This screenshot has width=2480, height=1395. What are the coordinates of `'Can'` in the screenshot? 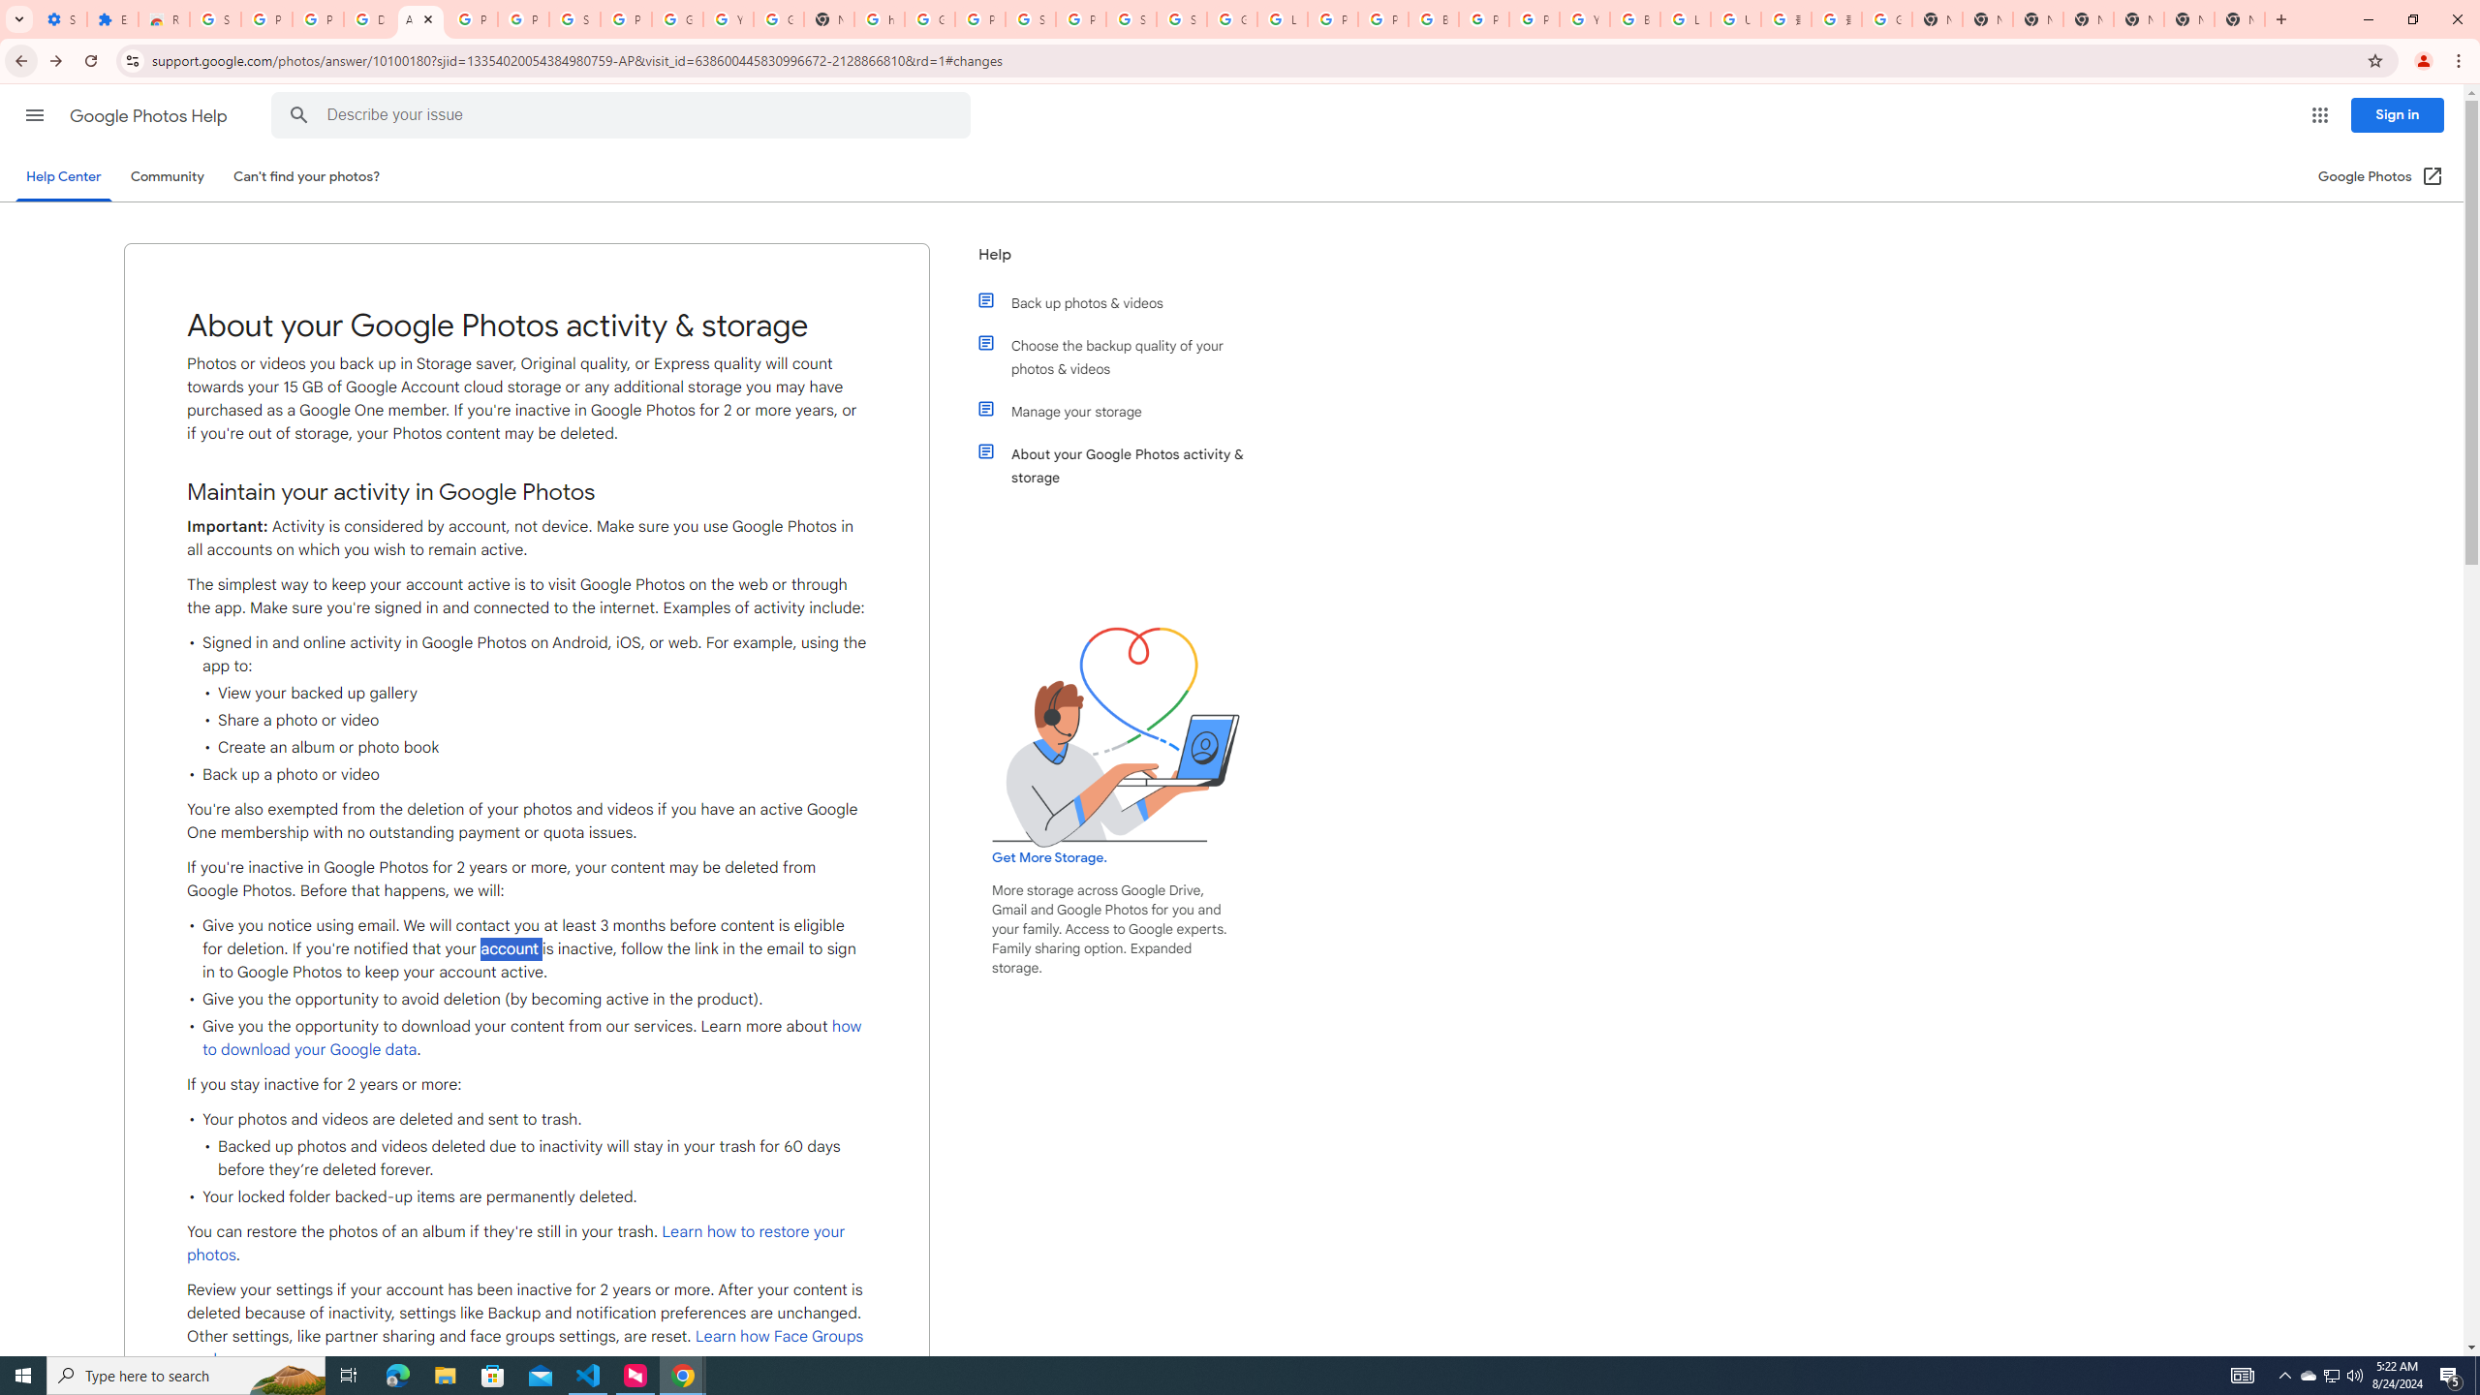 It's located at (307, 175).